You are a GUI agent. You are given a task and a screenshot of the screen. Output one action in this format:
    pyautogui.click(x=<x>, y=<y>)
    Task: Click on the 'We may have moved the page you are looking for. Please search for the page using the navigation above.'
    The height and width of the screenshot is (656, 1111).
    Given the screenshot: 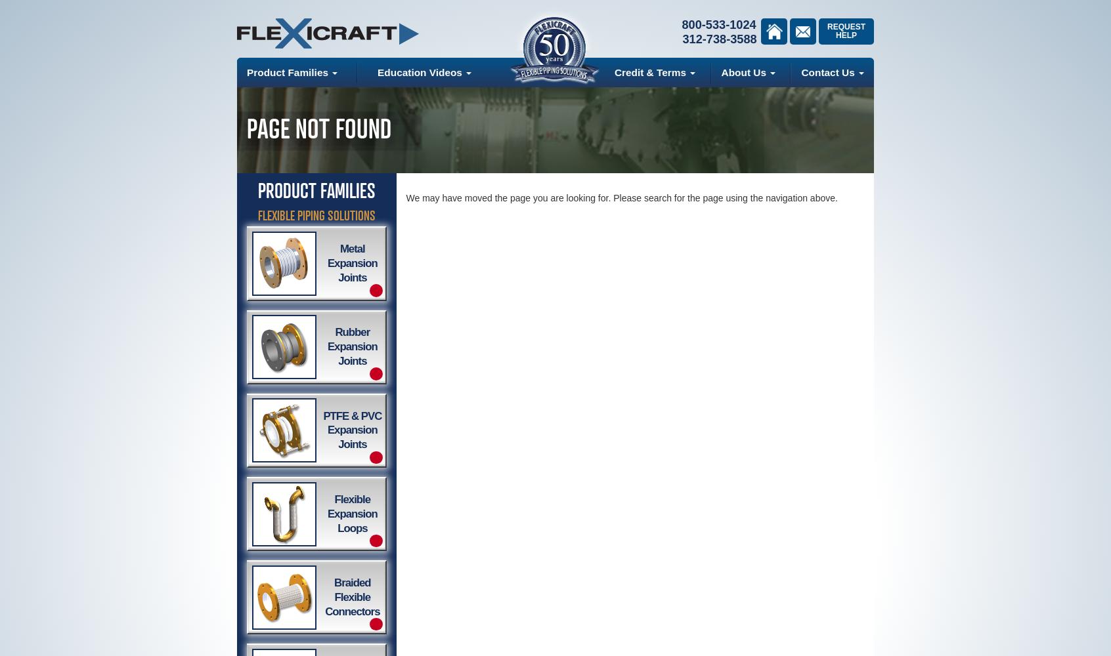 What is the action you would take?
    pyautogui.click(x=621, y=197)
    